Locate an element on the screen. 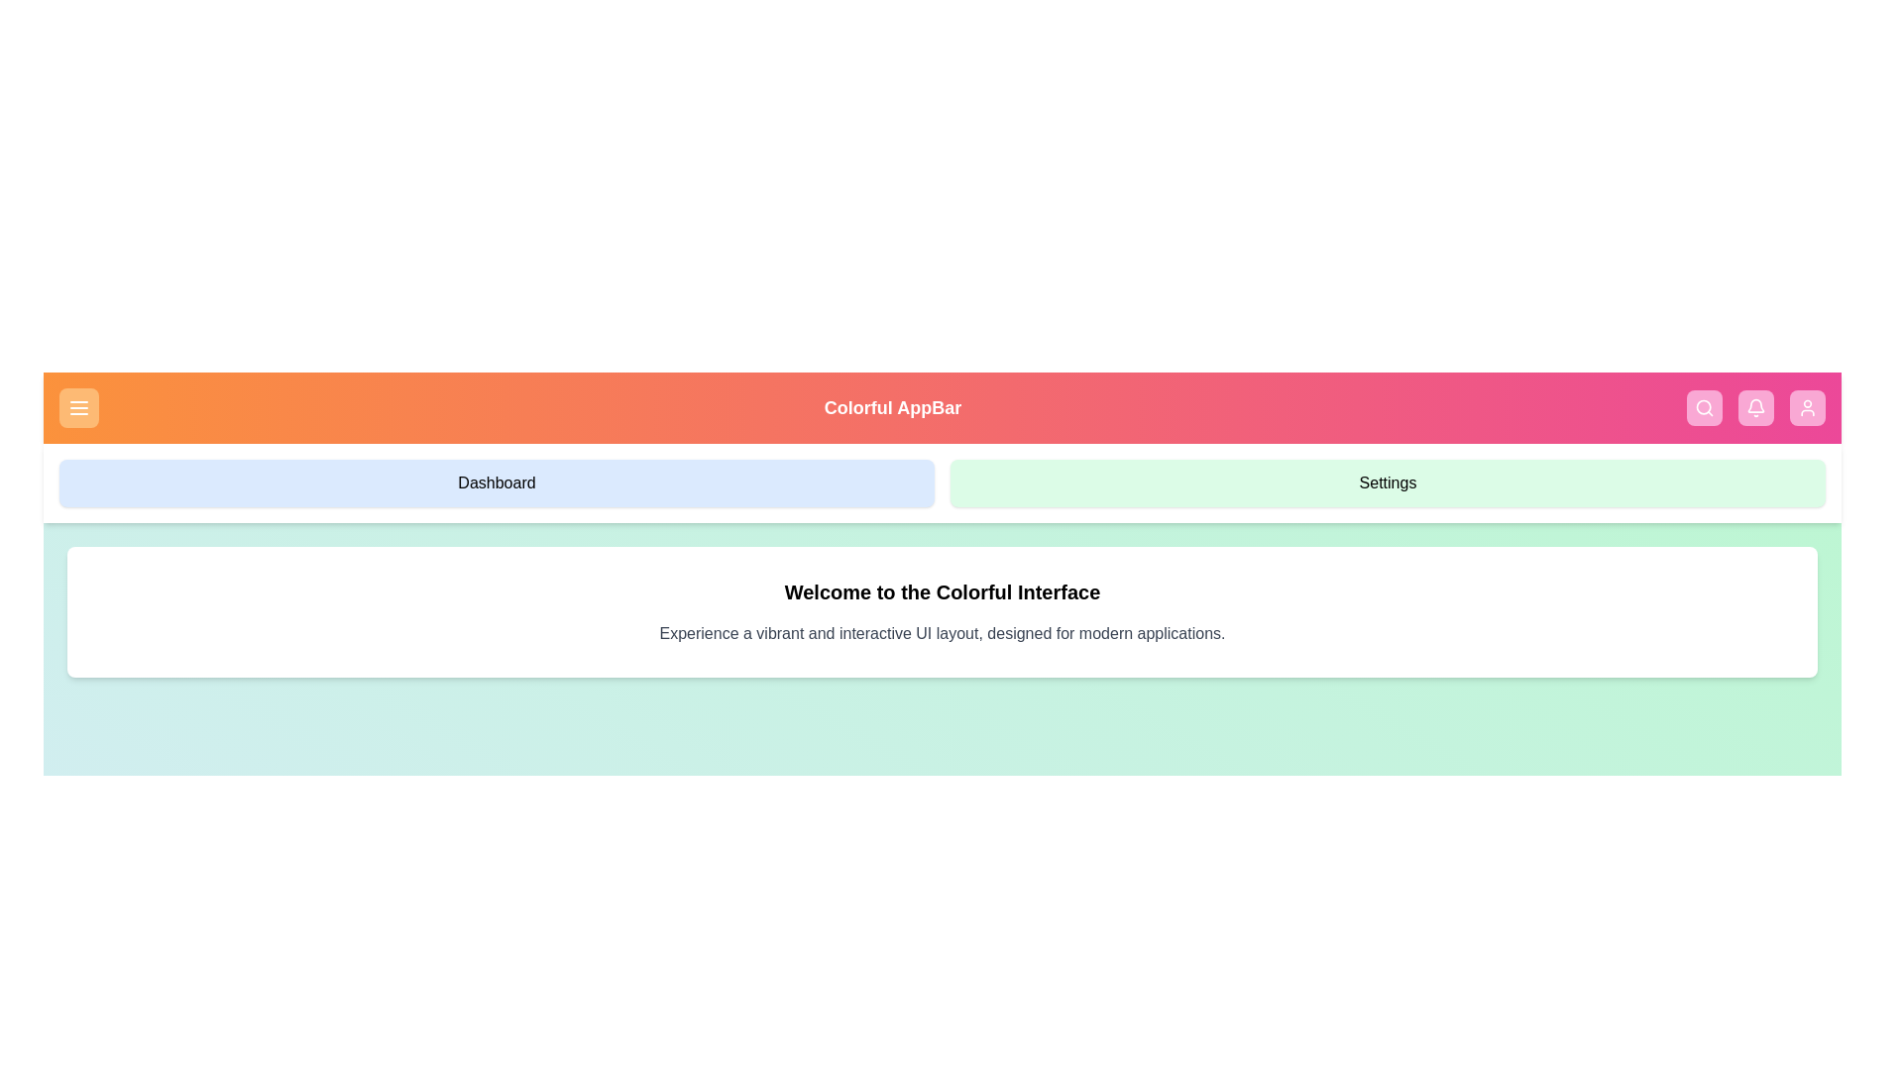  the menu button to toggle the navigation menu visibility is located at coordinates (79, 407).